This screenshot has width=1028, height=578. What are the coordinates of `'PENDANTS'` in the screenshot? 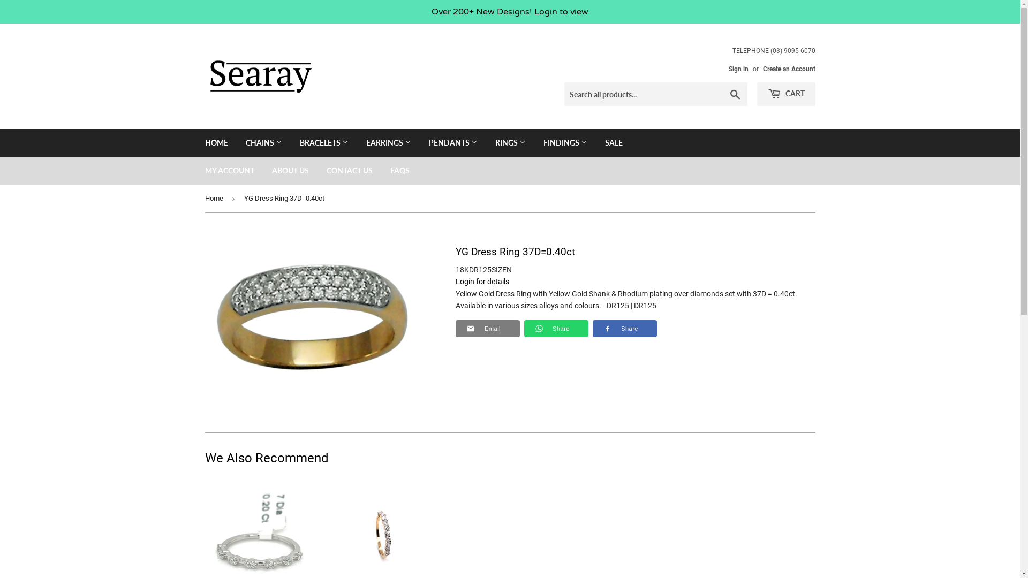 It's located at (420, 142).